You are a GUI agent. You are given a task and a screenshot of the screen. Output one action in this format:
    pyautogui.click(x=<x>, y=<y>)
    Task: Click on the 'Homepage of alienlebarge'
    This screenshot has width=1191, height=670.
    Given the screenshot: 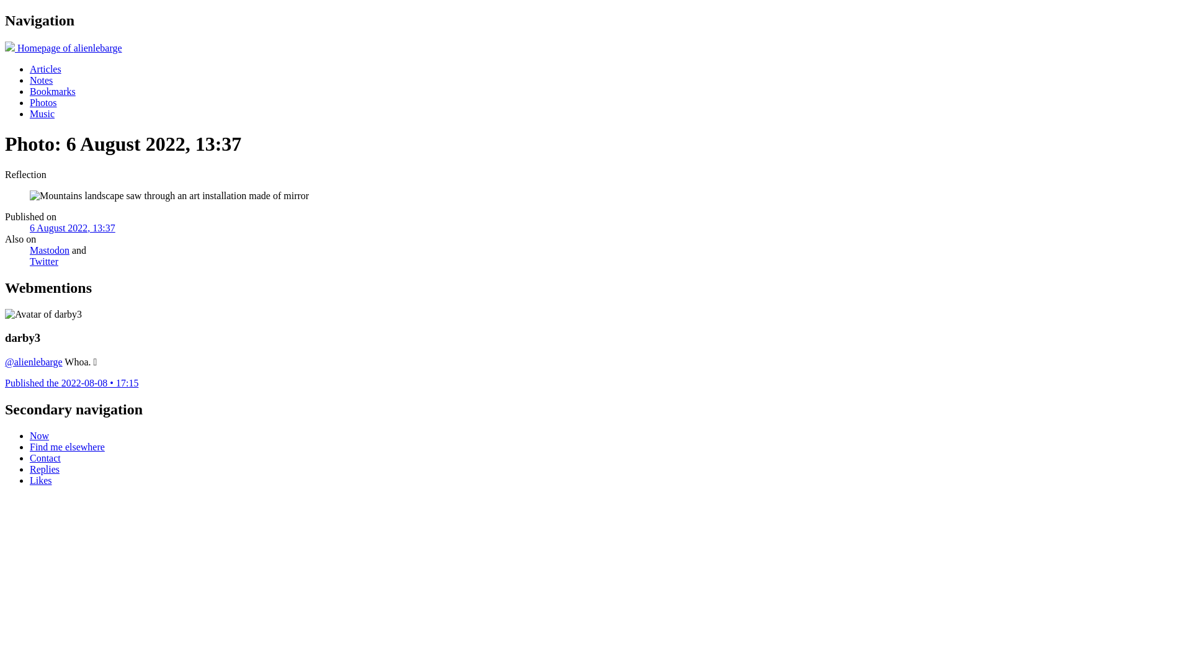 What is the action you would take?
    pyautogui.click(x=63, y=47)
    